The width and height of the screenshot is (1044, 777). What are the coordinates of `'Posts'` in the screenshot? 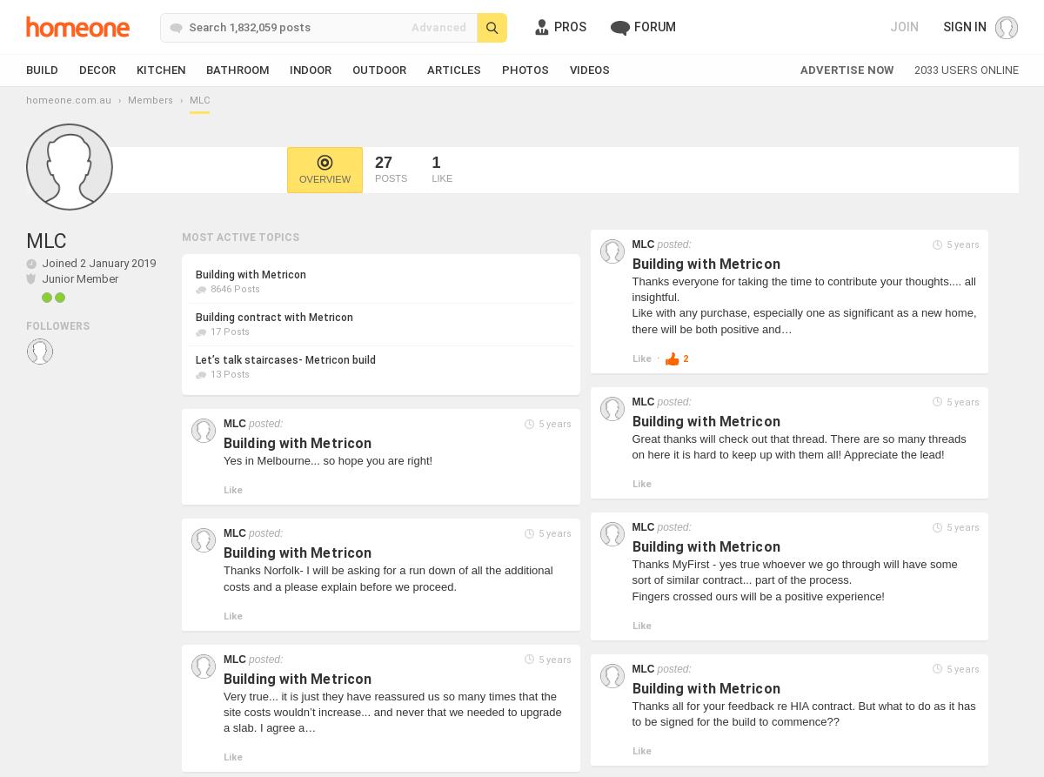 It's located at (391, 178).